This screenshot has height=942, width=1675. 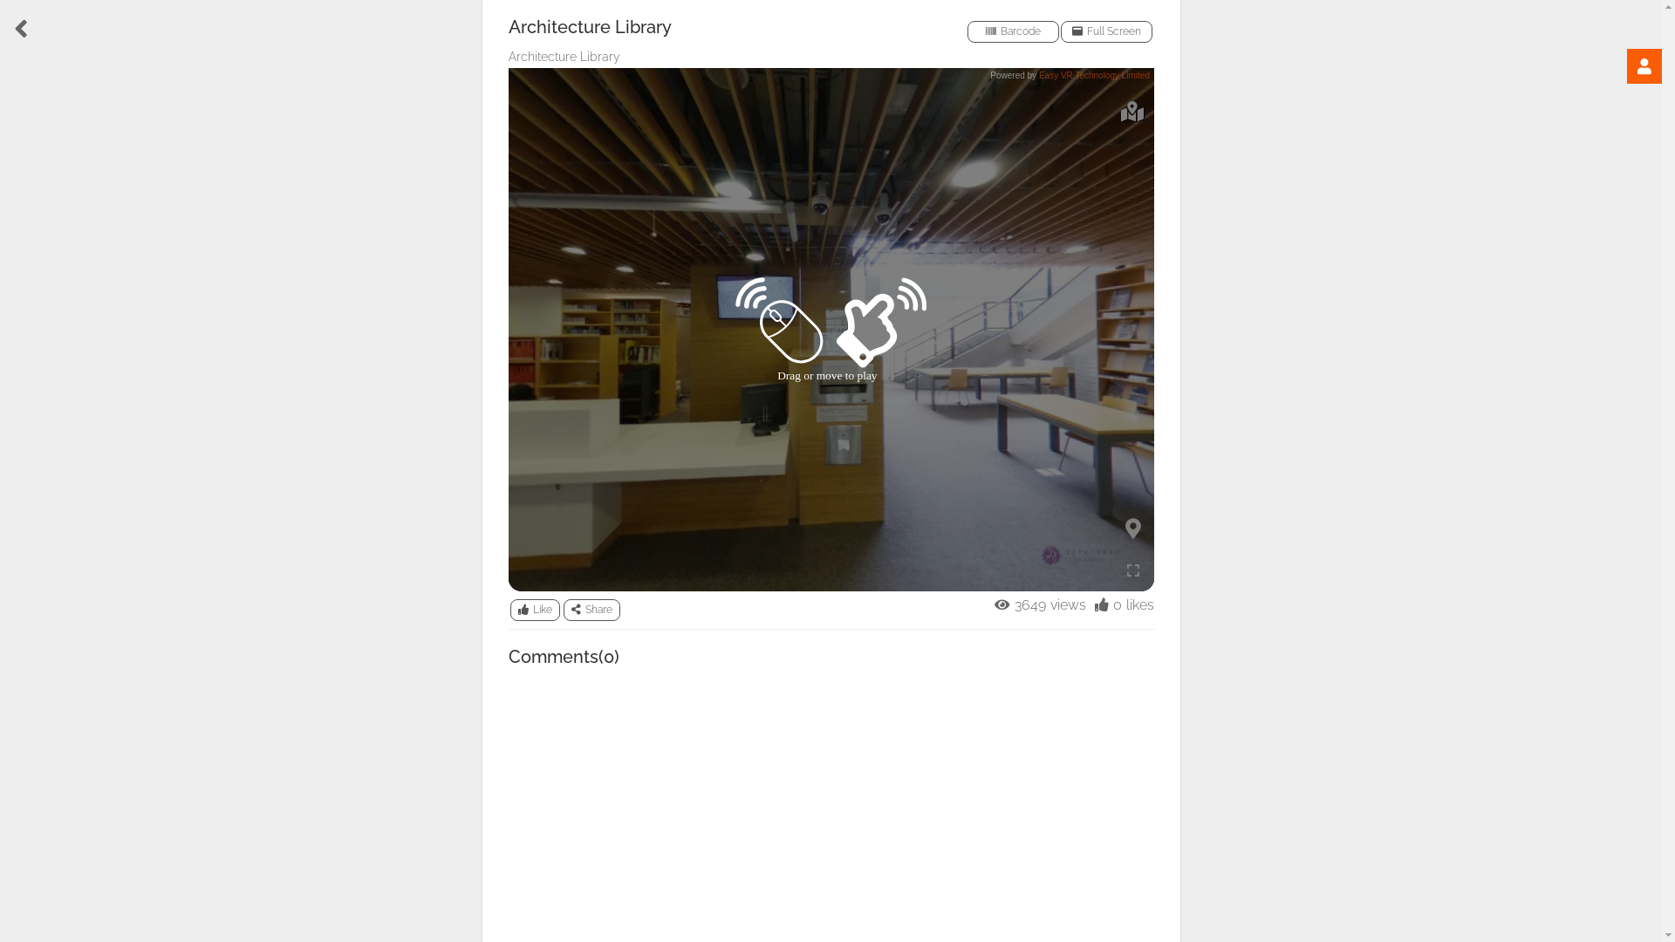 I want to click on 'BUSINESS', so click(x=0, y=749).